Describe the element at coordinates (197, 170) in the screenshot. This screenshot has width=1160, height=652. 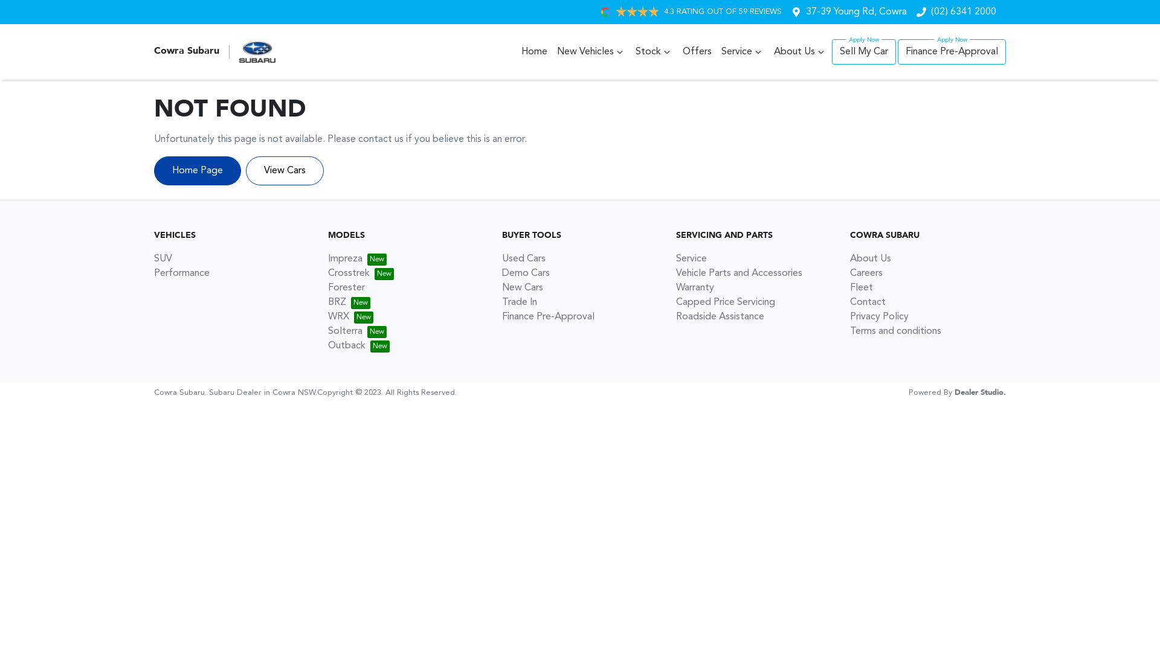
I see `'Home Page'` at that location.